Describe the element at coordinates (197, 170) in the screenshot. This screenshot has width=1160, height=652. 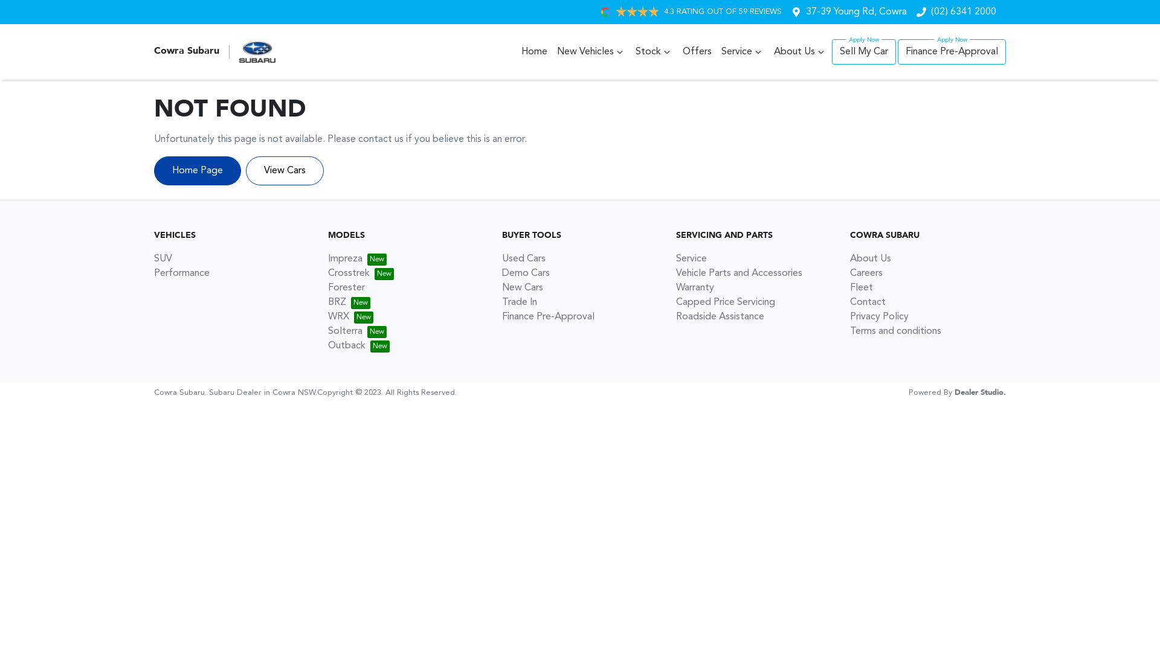
I see `'Home Page'` at that location.